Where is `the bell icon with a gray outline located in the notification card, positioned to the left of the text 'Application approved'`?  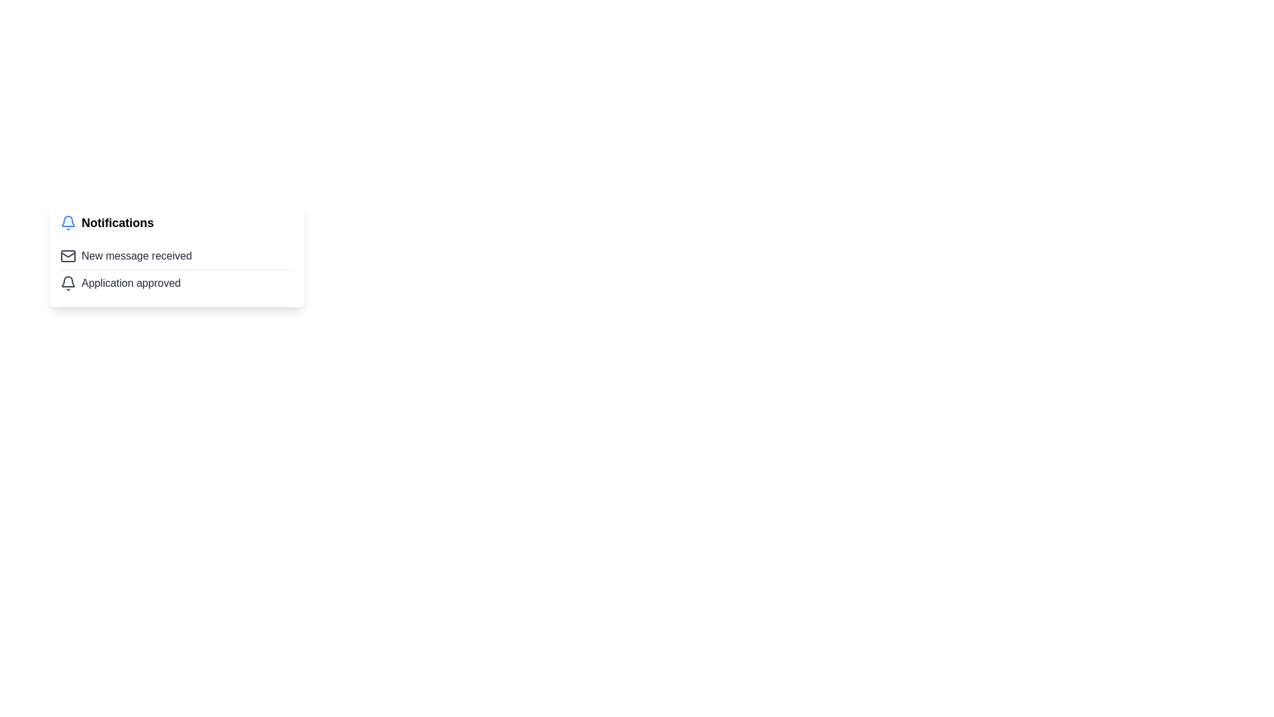 the bell icon with a gray outline located in the notification card, positioned to the left of the text 'Application approved' is located at coordinates (67, 283).